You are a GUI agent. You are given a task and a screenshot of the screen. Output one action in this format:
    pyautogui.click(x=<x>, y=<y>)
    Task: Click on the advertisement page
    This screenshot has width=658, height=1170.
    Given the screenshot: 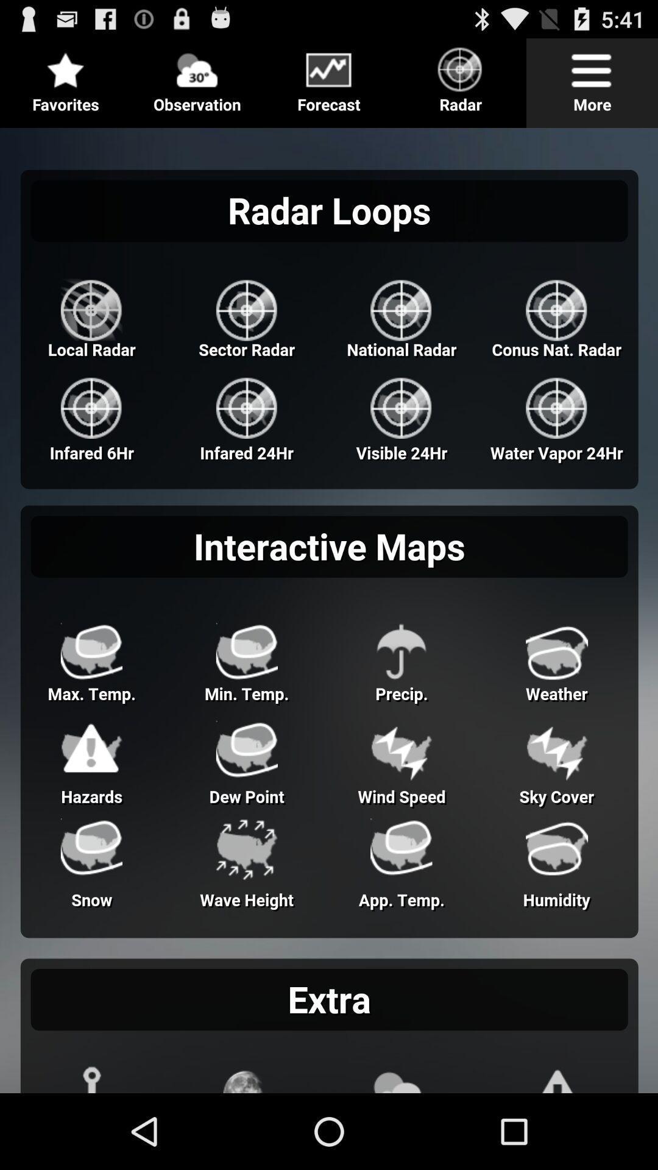 What is the action you would take?
    pyautogui.click(x=329, y=606)
    